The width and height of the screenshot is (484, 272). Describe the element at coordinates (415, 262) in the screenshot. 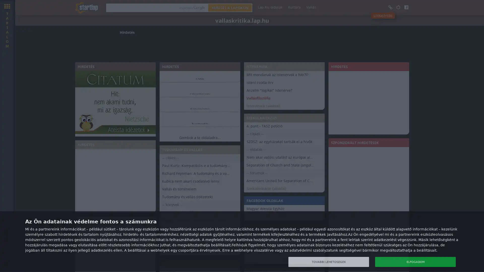

I see `ELFOGADOM` at that location.